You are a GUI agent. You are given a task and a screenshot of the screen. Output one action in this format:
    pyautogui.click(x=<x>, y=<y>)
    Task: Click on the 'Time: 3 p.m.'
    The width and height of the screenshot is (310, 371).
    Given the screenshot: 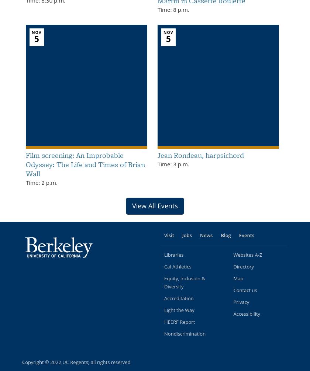 What is the action you would take?
    pyautogui.click(x=173, y=163)
    